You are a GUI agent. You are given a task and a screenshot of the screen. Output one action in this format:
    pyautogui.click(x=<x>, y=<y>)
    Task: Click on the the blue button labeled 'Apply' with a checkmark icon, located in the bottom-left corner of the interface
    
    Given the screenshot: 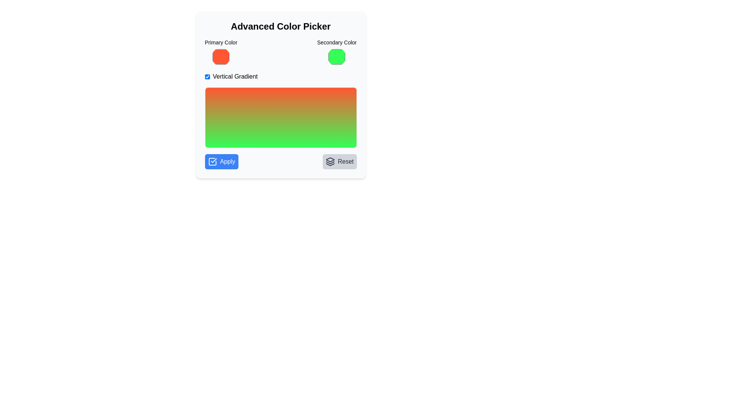 What is the action you would take?
    pyautogui.click(x=221, y=161)
    